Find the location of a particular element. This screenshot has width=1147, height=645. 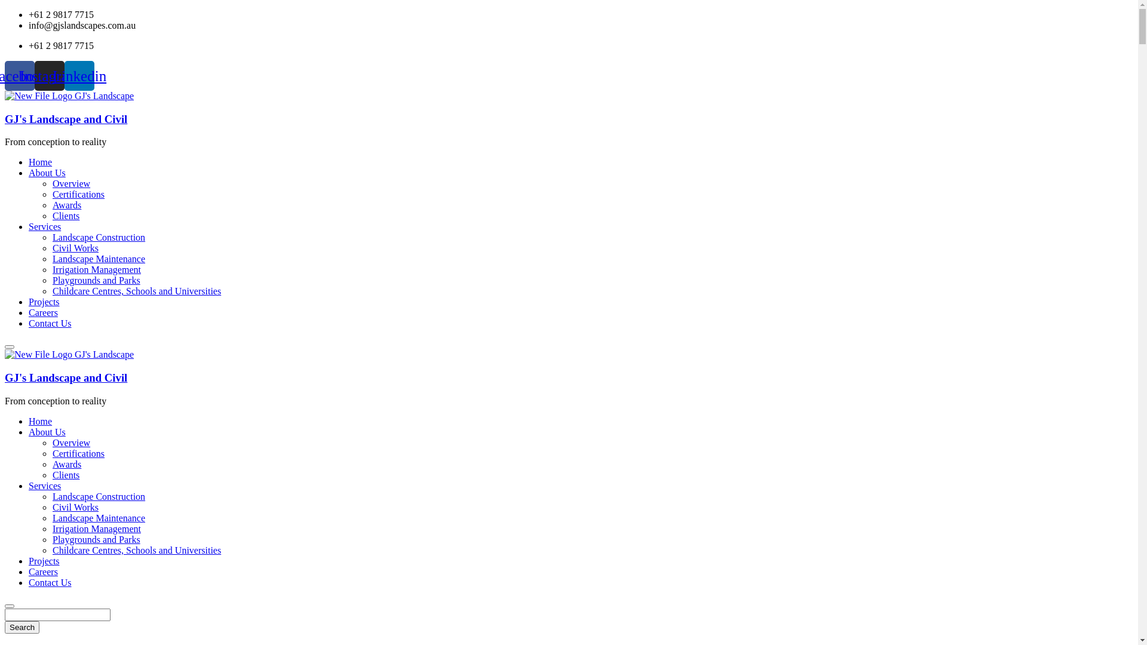

'Overview' is located at coordinates (70, 443).